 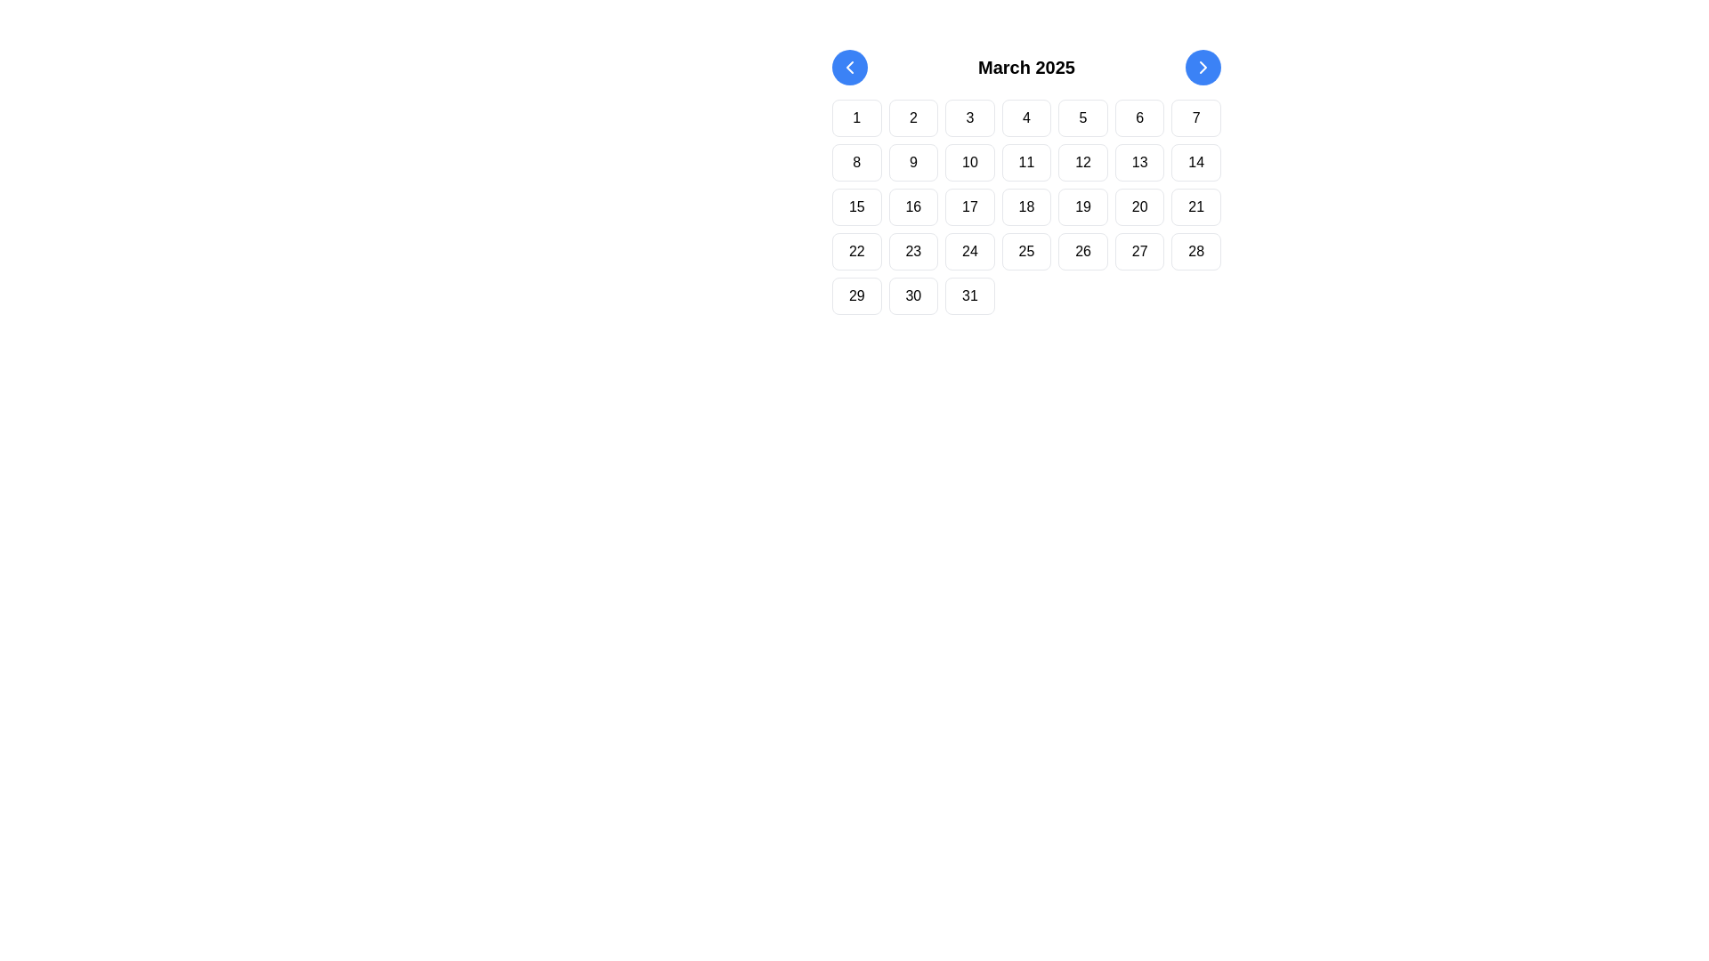 What do you see at coordinates (1203, 67) in the screenshot?
I see `the chevron icon located in the top-right corner of the interface, adjacent to the calendar heading` at bounding box center [1203, 67].